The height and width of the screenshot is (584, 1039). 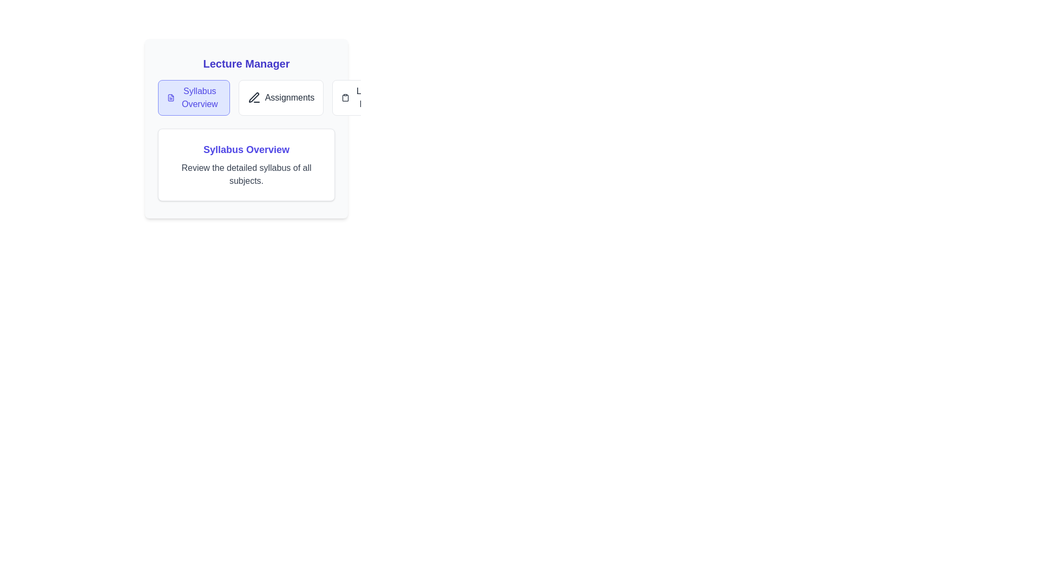 What do you see at coordinates (345, 98) in the screenshot?
I see `the clipboard icon located on the left side of the 'Lecture Notes' button, which serves as a visual indicator for associated content or actions` at bounding box center [345, 98].